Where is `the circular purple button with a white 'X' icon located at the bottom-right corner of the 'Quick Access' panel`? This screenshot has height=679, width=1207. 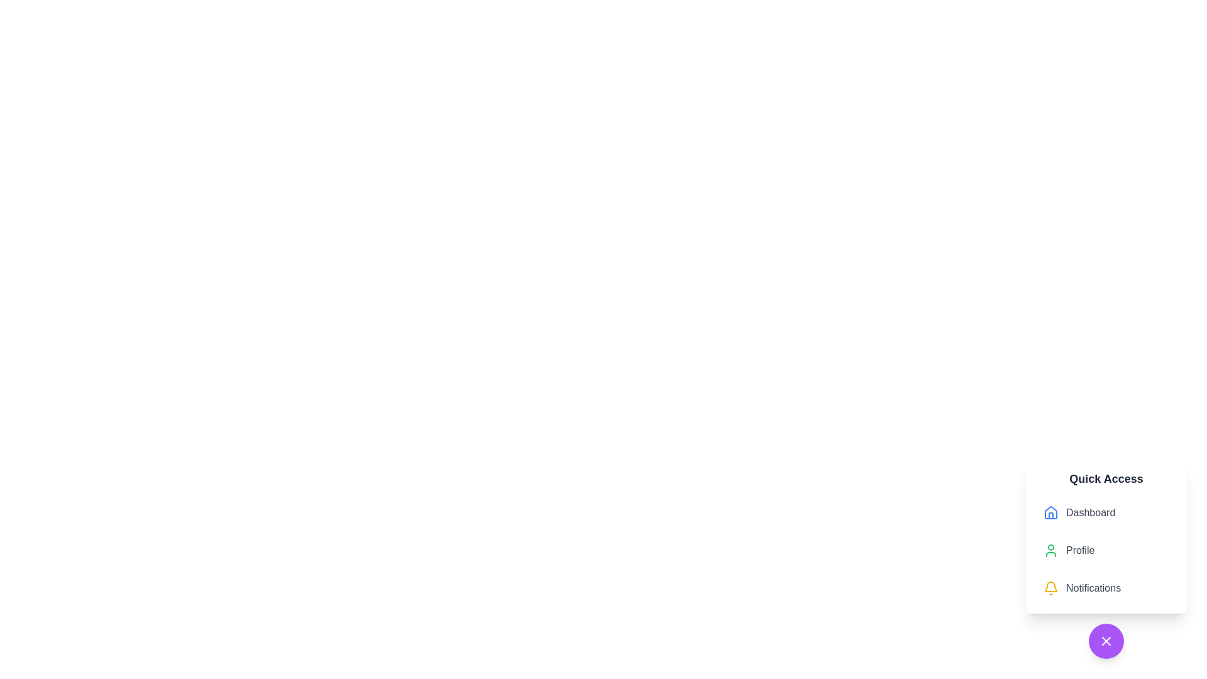 the circular purple button with a white 'X' icon located at the bottom-right corner of the 'Quick Access' panel is located at coordinates (1106, 641).